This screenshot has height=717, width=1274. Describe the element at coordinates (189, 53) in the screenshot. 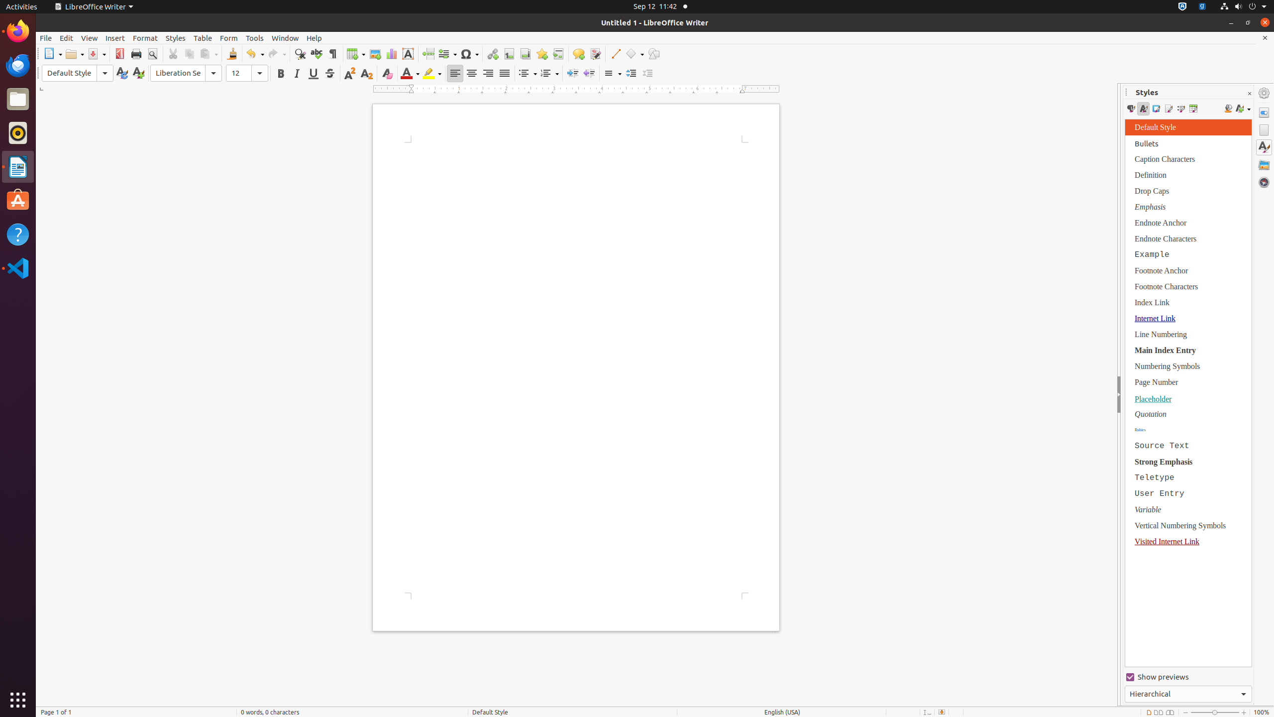

I see `'Copy'` at that location.